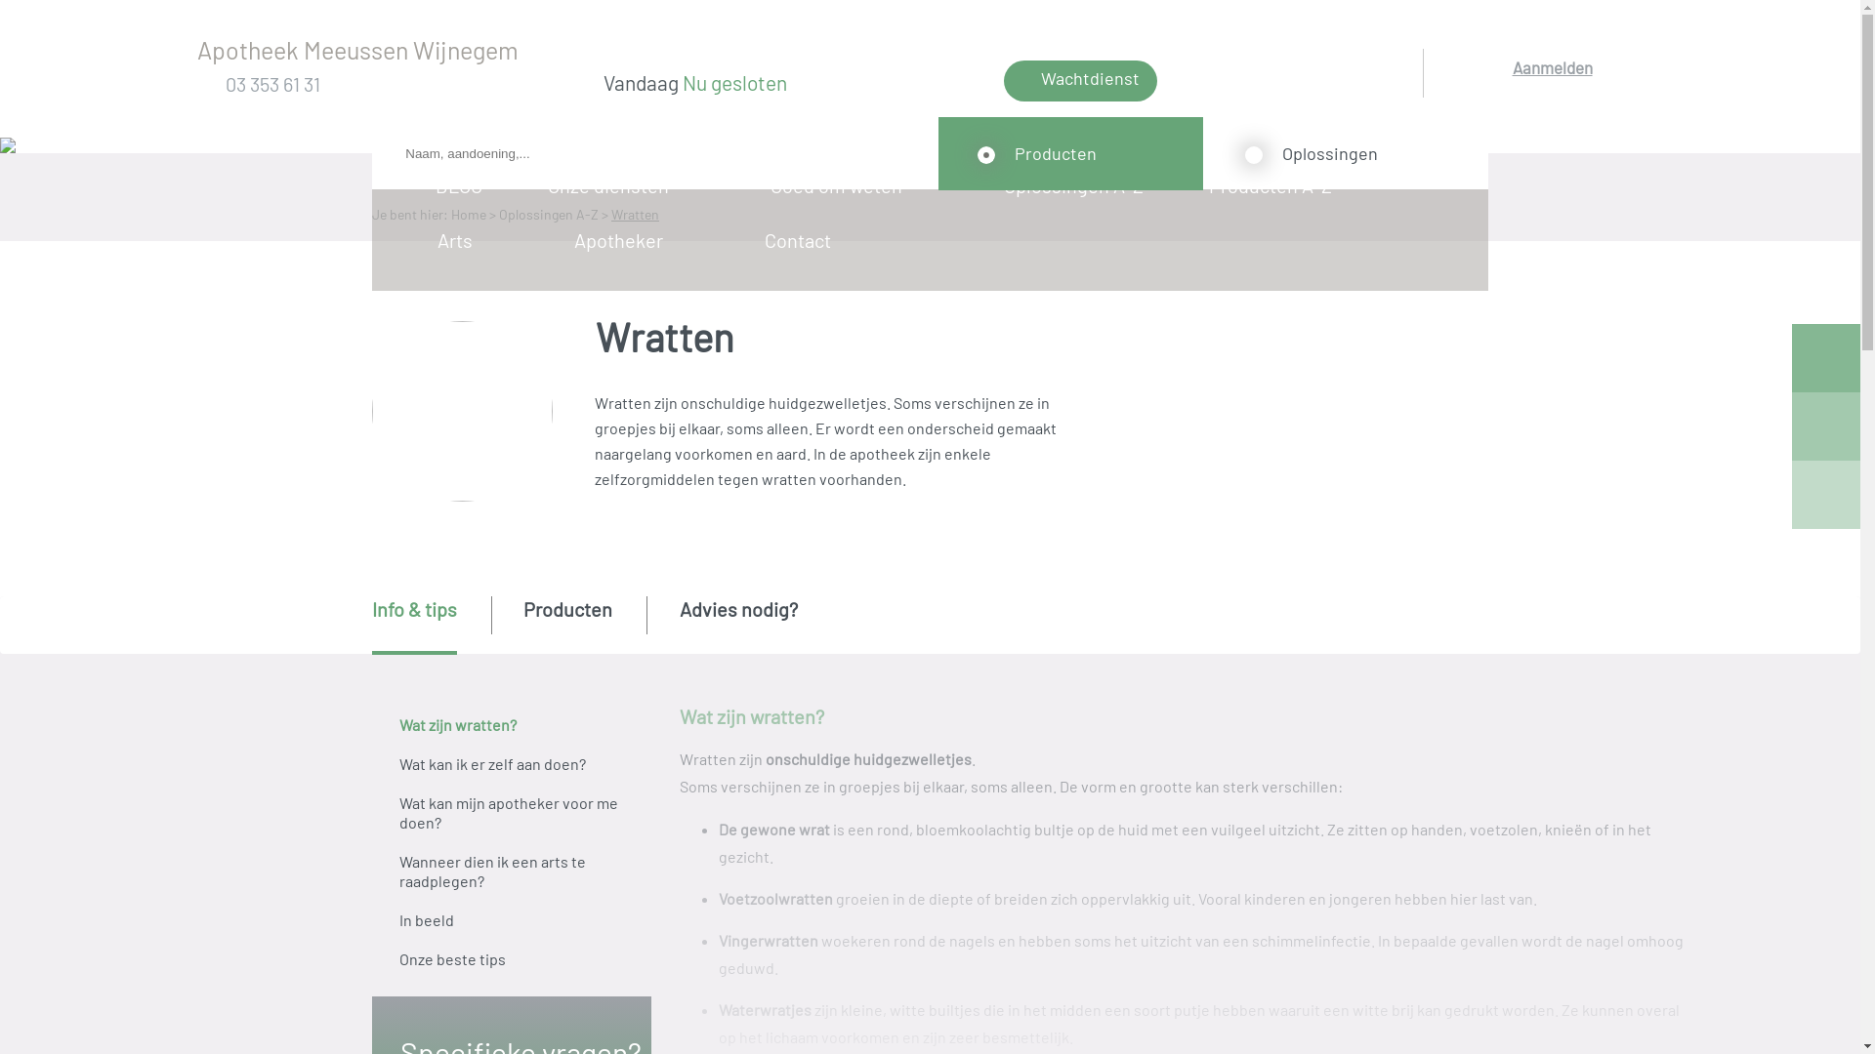 The width and height of the screenshot is (1875, 1054). Describe the element at coordinates (1276, 184) in the screenshot. I see `'Producten A-Z'` at that location.